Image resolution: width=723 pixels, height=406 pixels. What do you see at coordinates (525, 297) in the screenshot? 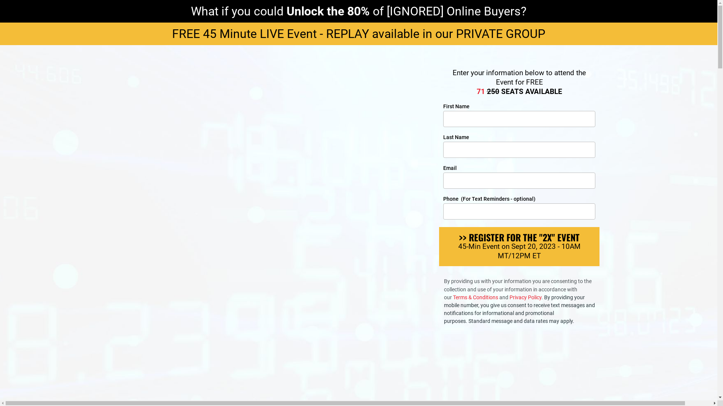
I see `'Privacy Policy'` at bounding box center [525, 297].